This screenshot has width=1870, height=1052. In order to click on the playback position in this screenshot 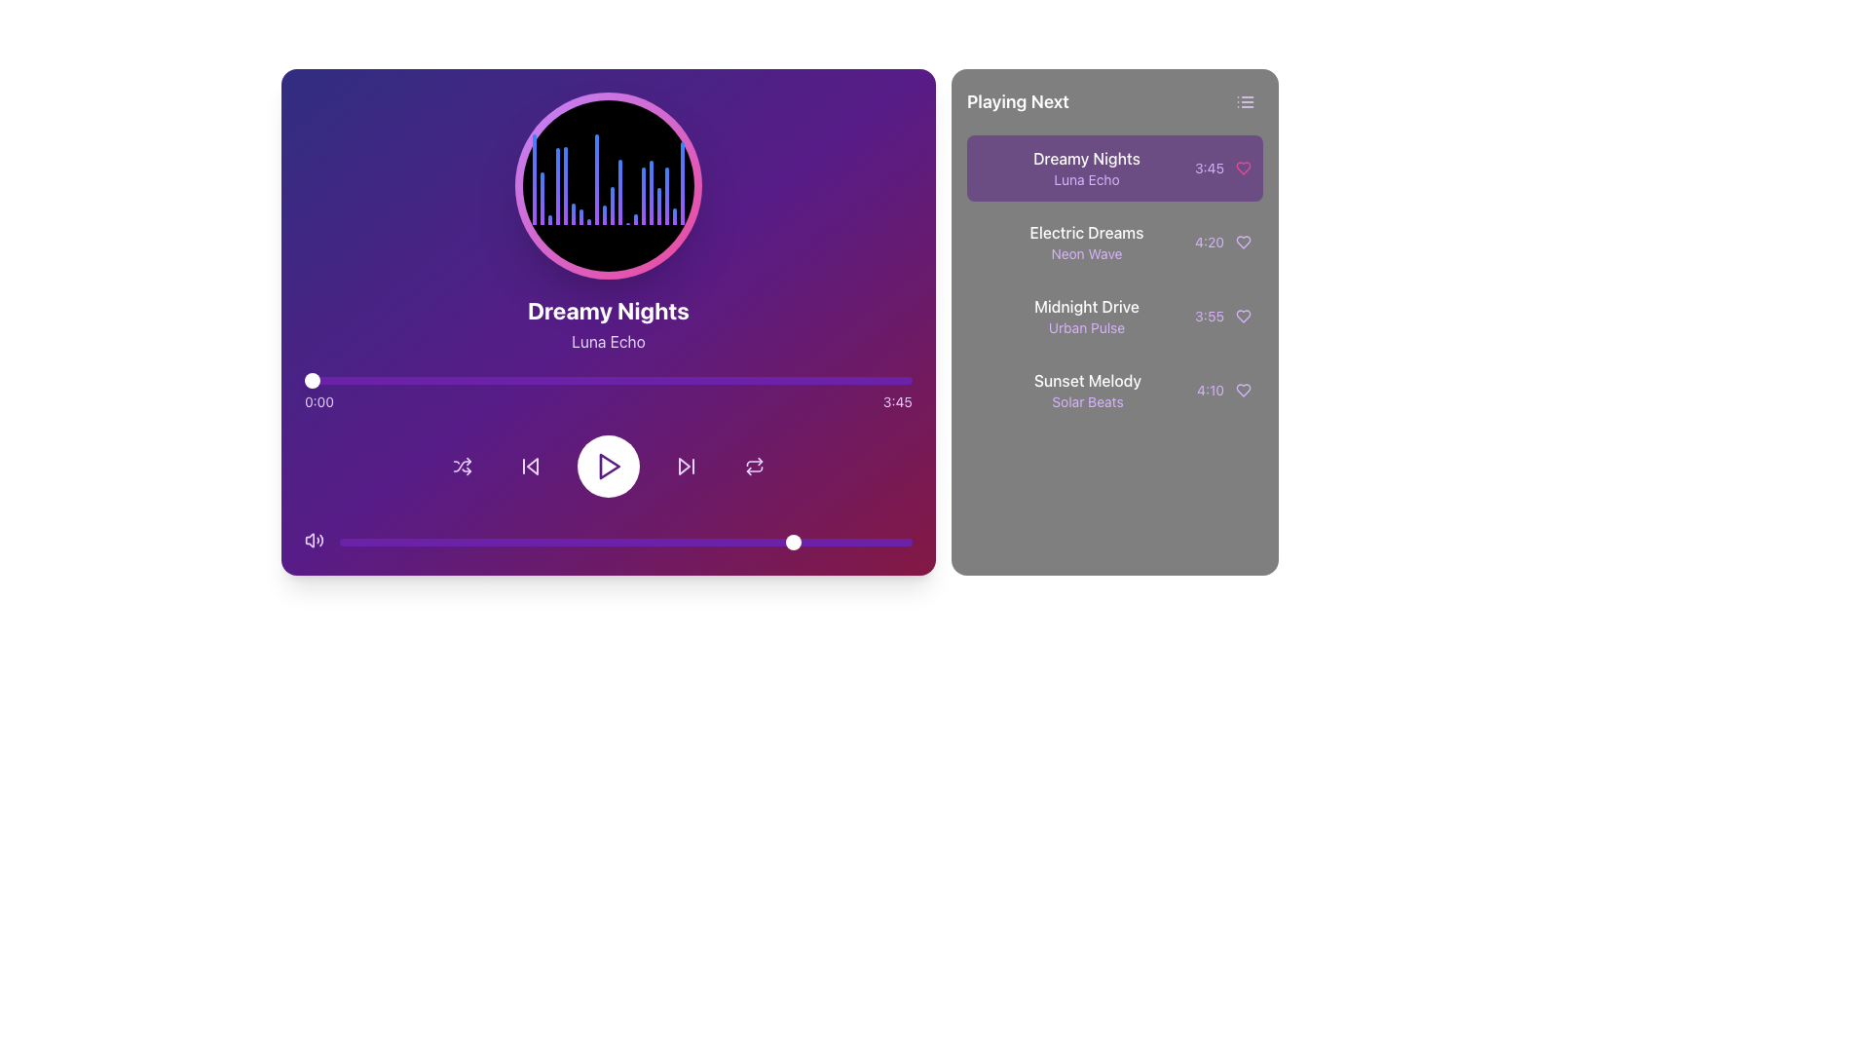, I will do `click(462, 380)`.